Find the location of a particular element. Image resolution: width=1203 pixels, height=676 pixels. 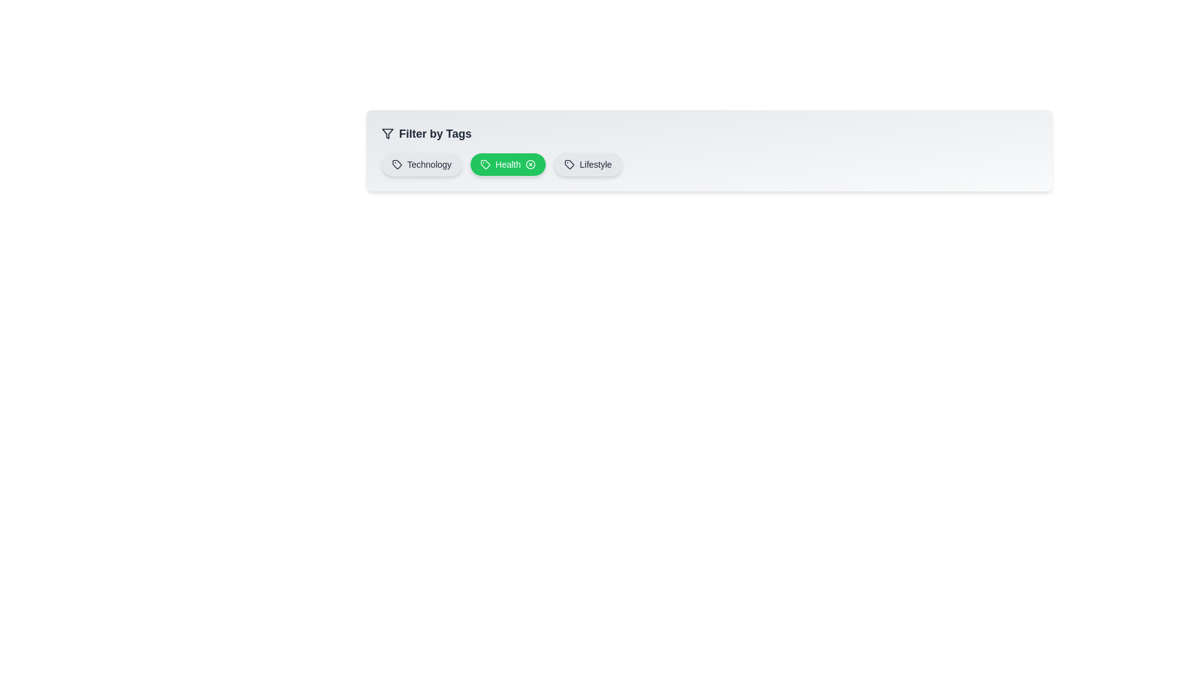

the tag Technology is located at coordinates (421, 163).